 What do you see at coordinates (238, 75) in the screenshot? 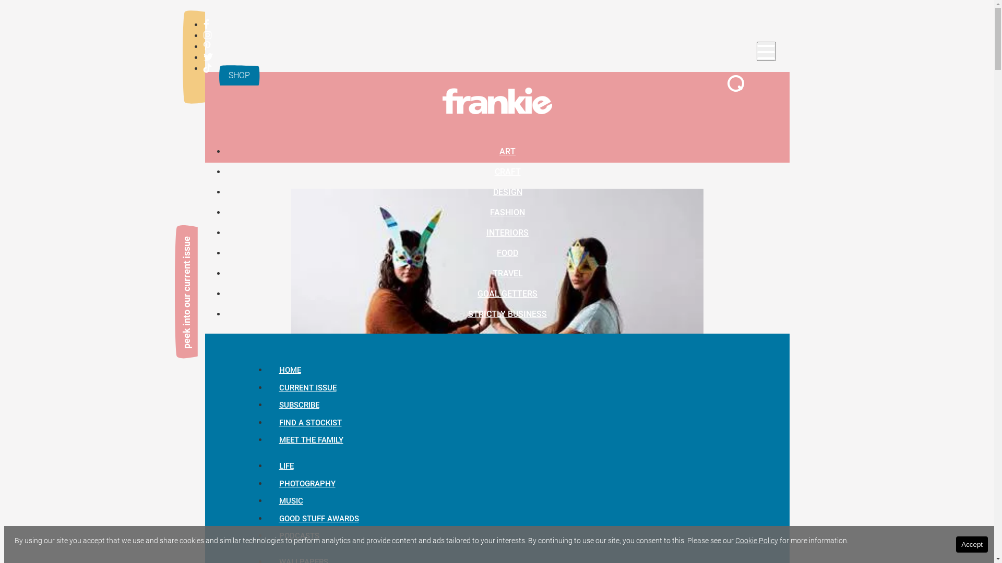
I see `'SHOP'` at bounding box center [238, 75].